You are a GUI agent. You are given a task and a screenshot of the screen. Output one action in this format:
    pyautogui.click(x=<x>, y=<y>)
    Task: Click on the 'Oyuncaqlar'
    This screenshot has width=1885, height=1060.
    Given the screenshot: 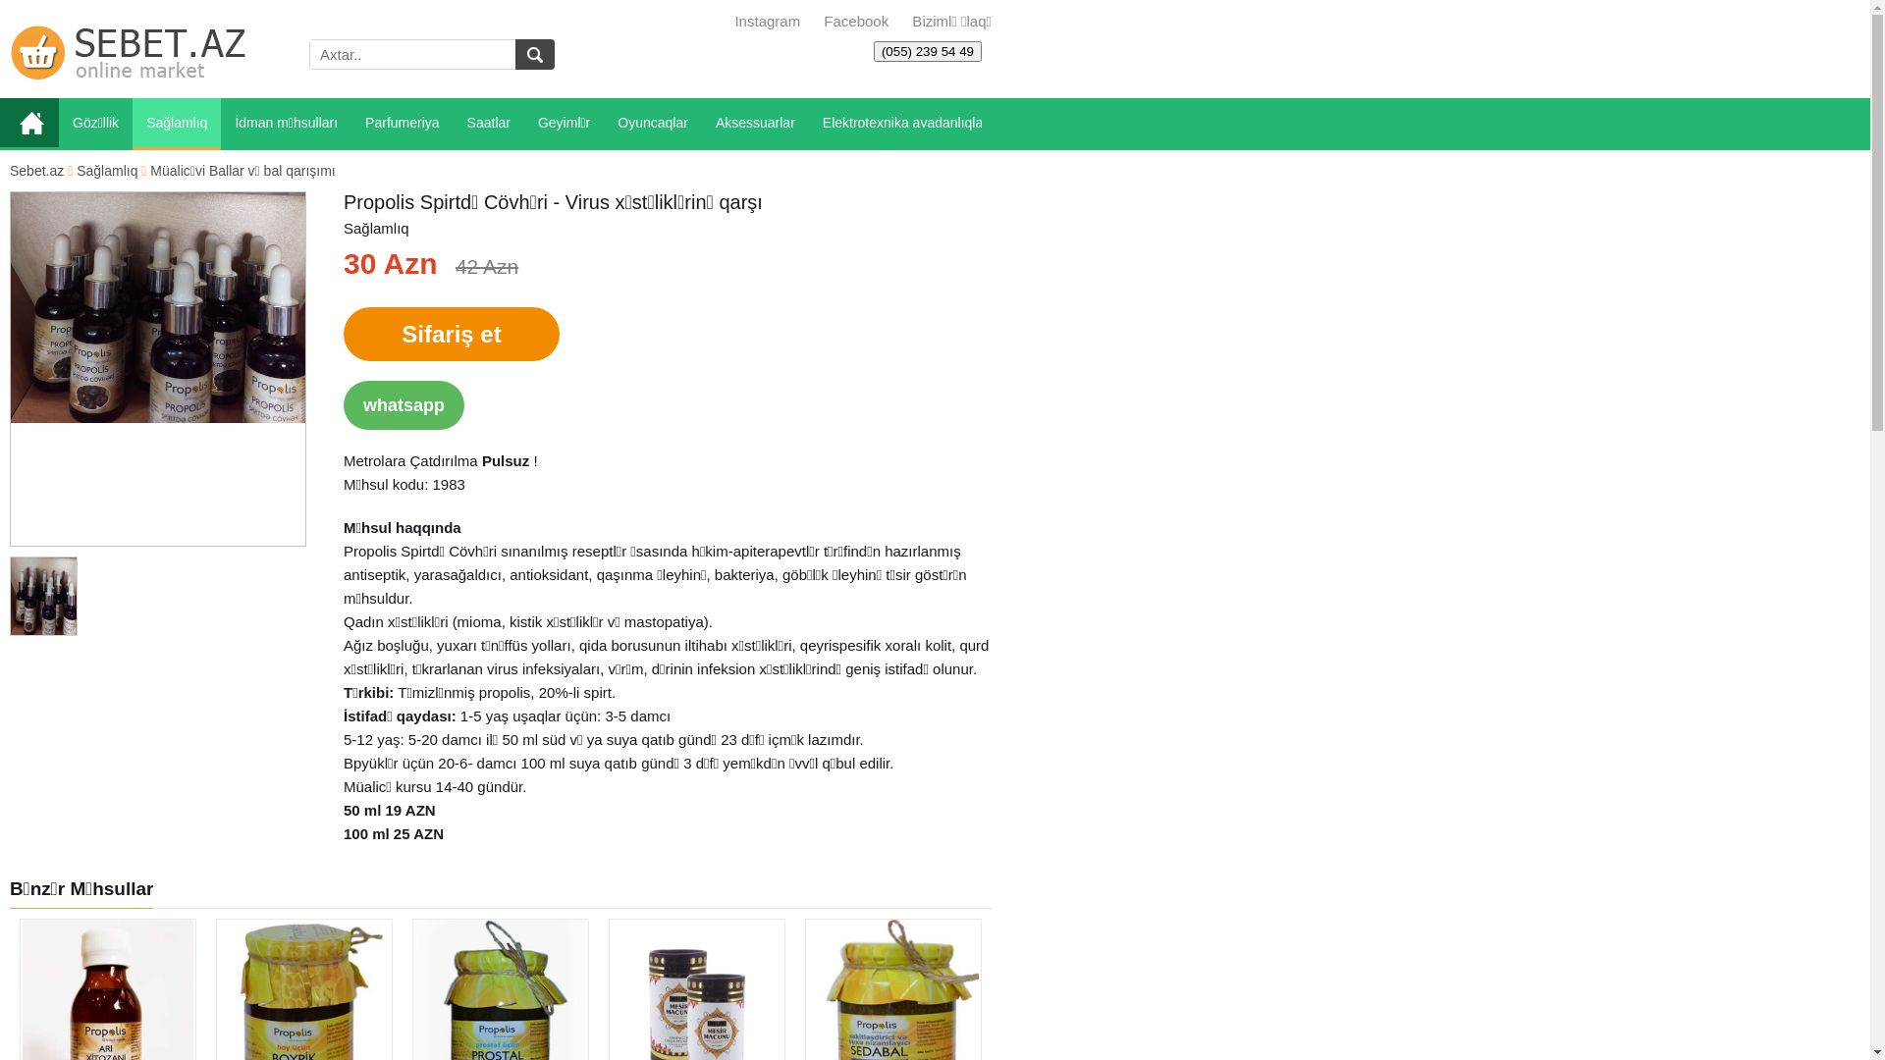 What is the action you would take?
    pyautogui.click(x=602, y=124)
    